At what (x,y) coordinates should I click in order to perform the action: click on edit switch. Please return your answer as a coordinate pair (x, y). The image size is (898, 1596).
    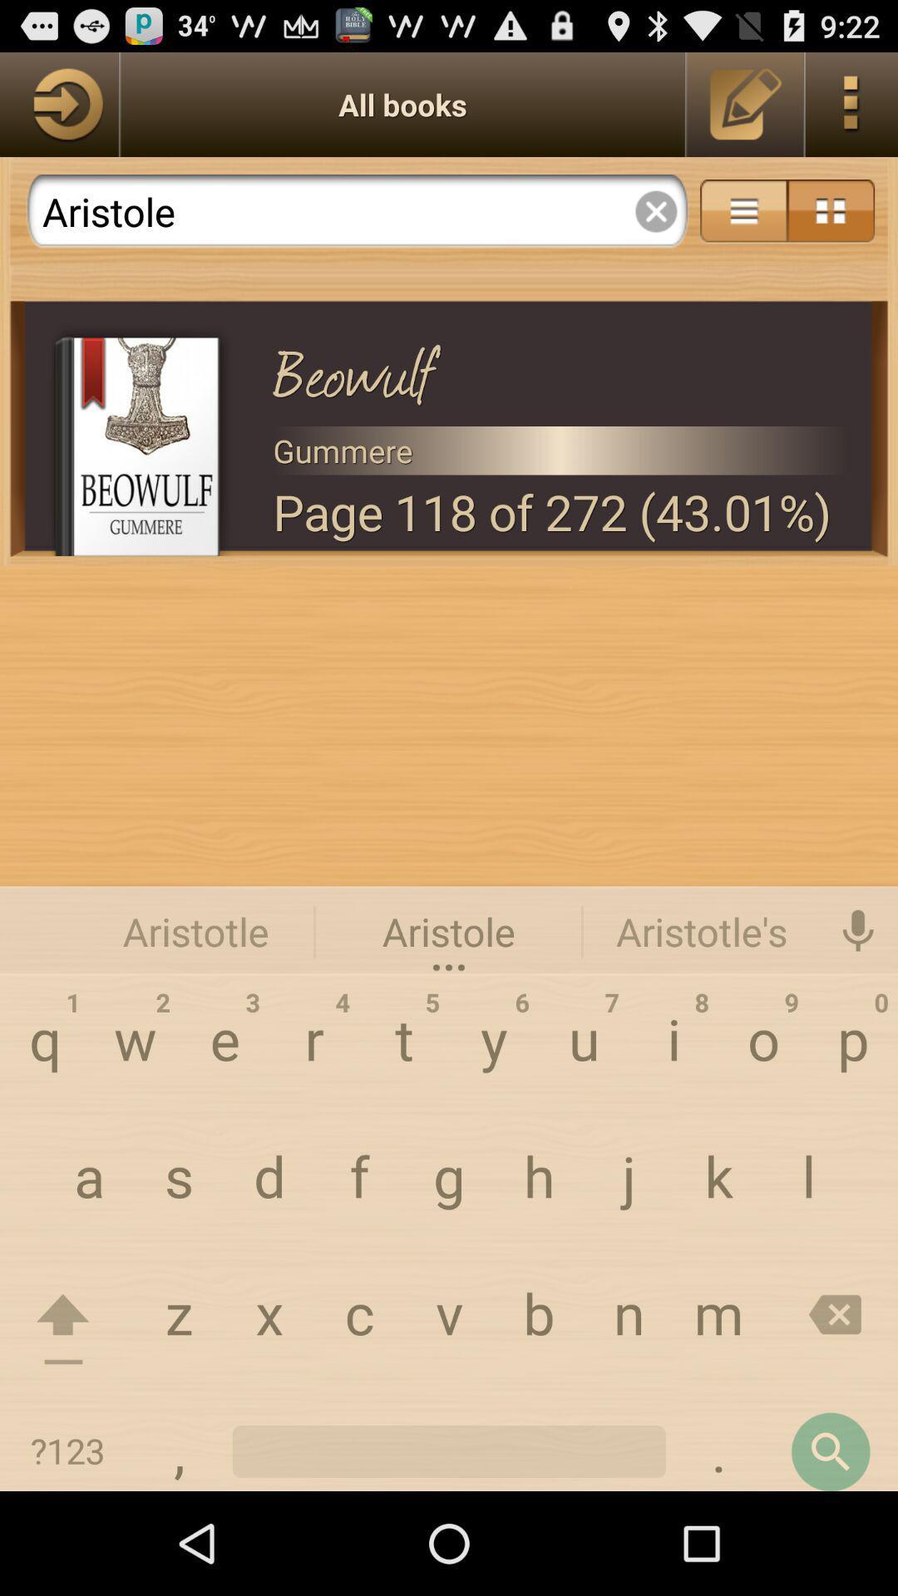
    Looking at the image, I should click on (745, 103).